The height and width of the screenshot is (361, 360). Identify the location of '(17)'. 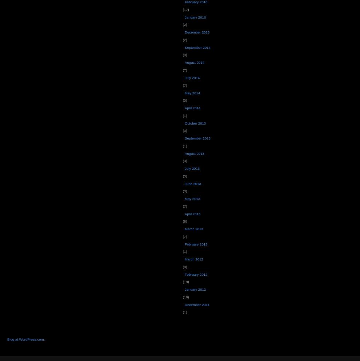
(185, 9).